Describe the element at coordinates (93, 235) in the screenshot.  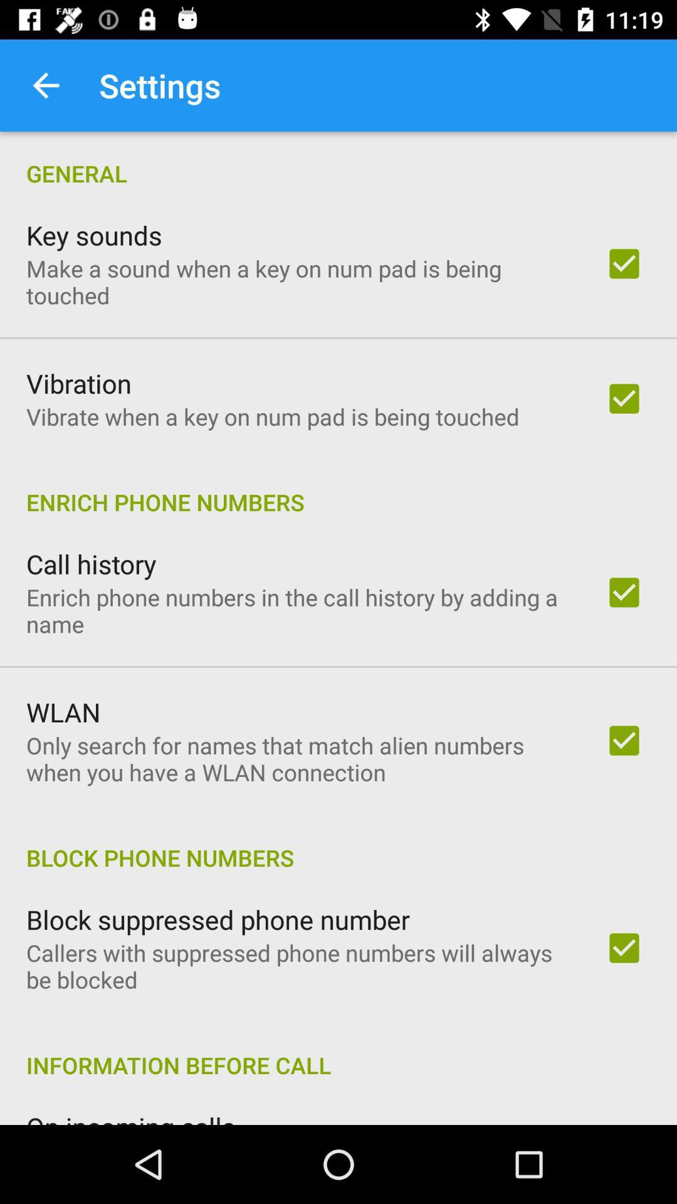
I see `icon below general icon` at that location.